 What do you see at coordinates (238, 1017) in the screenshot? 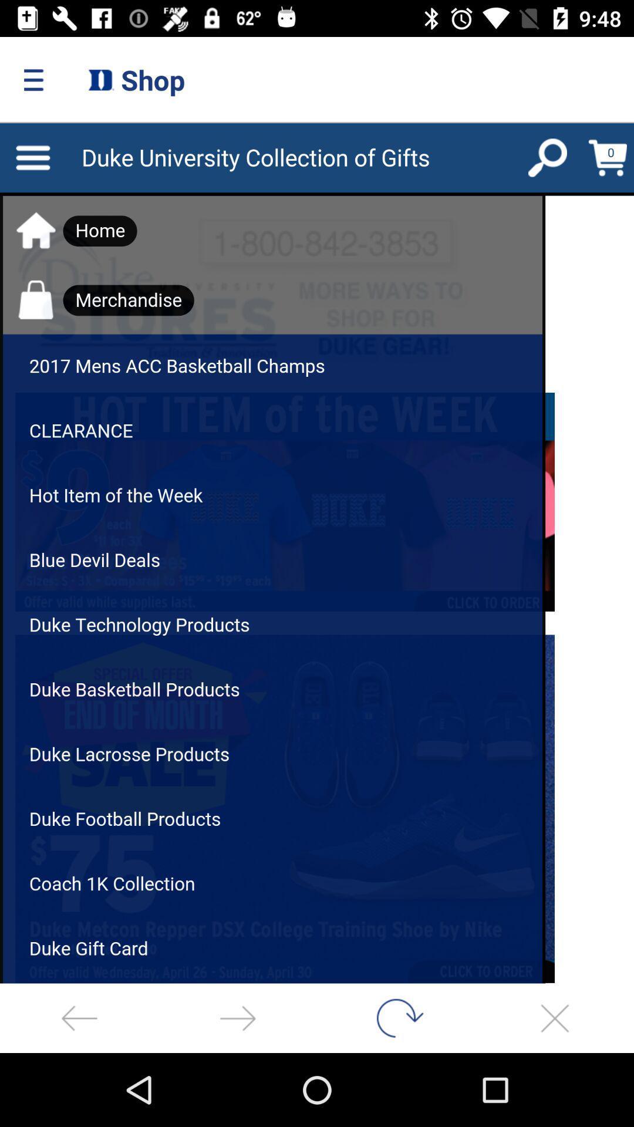
I see `next button` at bounding box center [238, 1017].